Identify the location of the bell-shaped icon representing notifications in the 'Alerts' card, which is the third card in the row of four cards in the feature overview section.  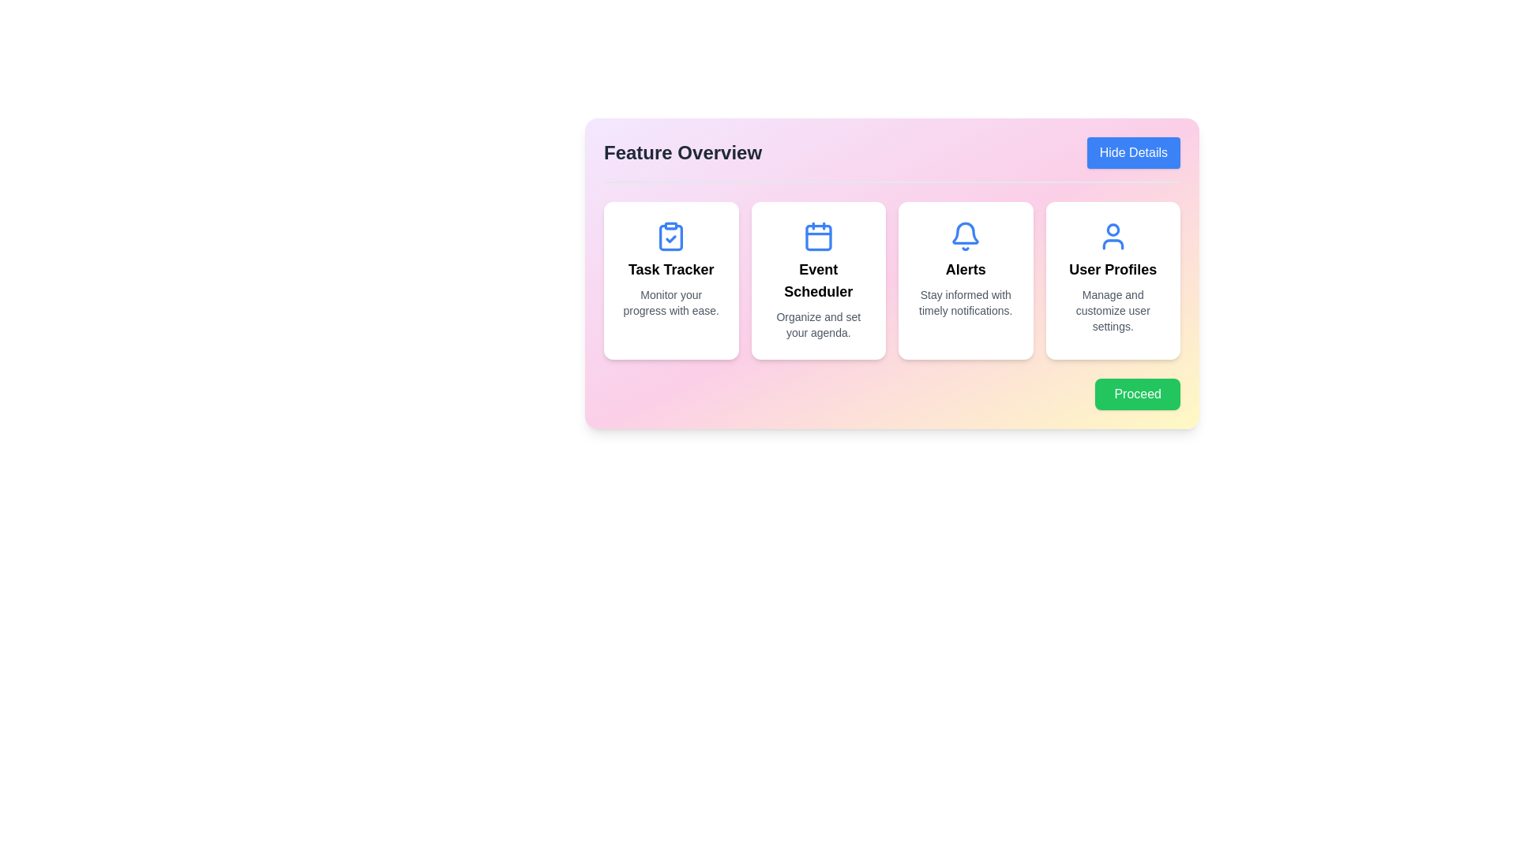
(965, 233).